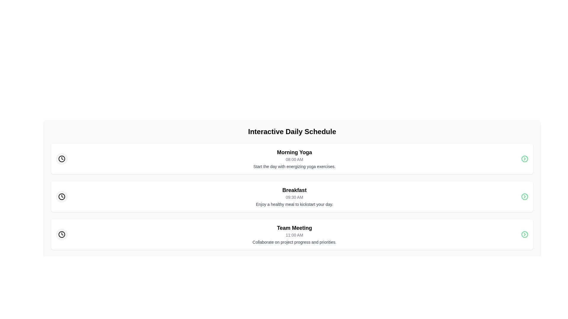  I want to click on the text label that reads 'Collaborate on project progress and priorities.' located at the bottom of the 'Team Meeting' section, so click(294, 242).